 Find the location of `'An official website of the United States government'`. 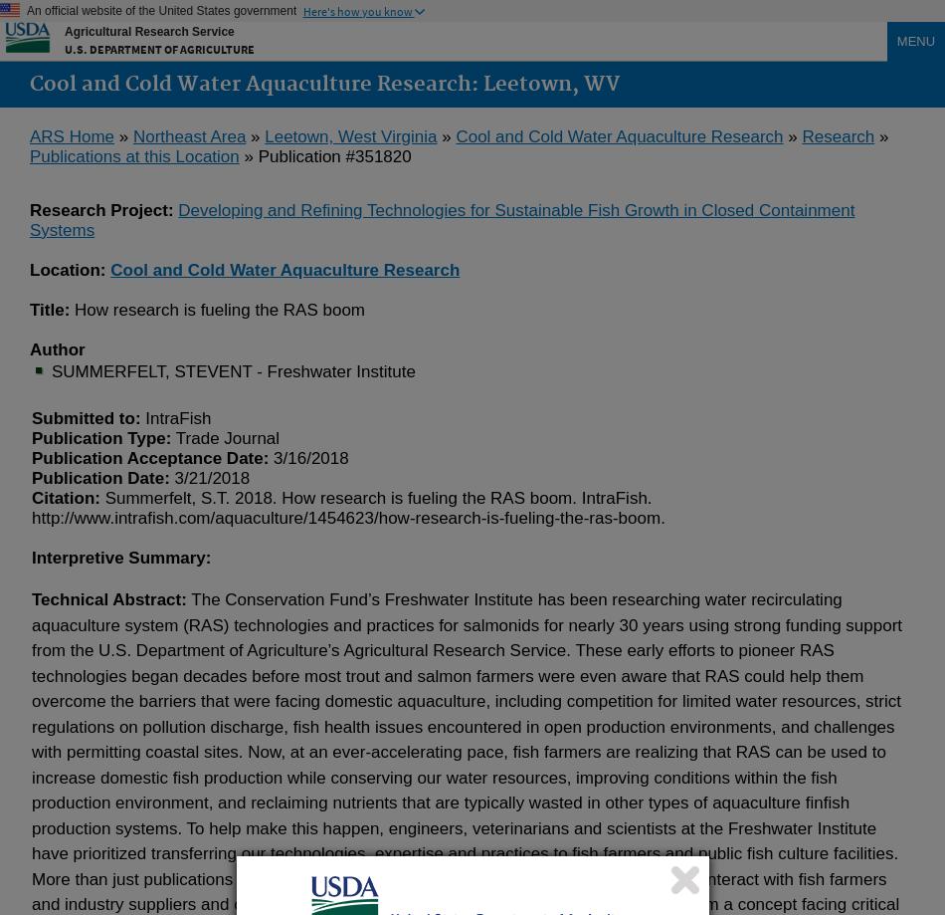

'An official website of the United States government' is located at coordinates (161, 11).